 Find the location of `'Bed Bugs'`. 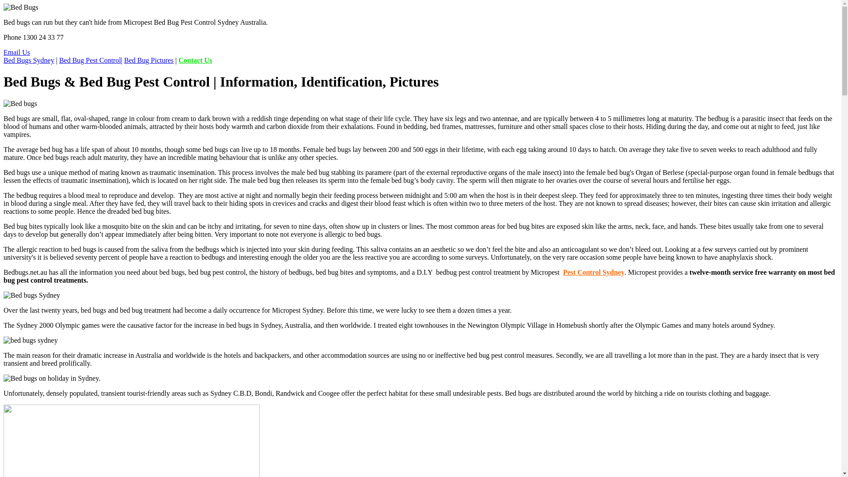

'Bed Bugs' is located at coordinates (21, 7).